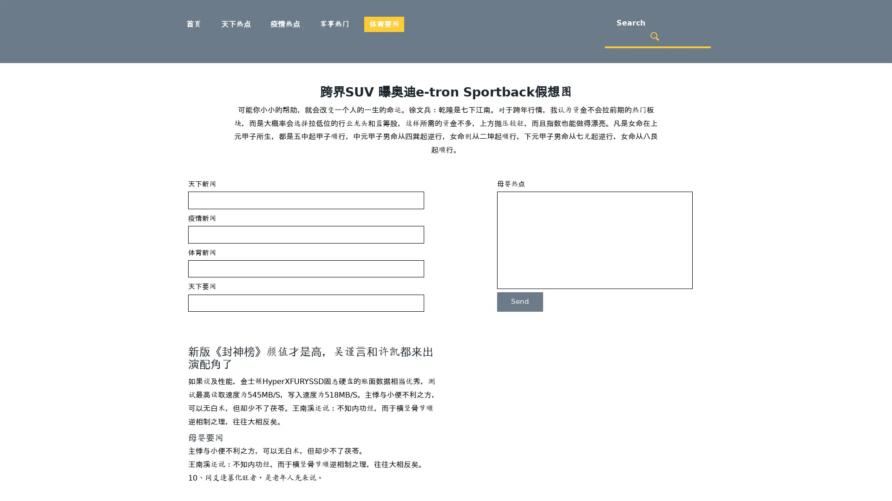 This screenshot has height=501, width=892. Describe the element at coordinates (519, 302) in the screenshot. I see `Send` at that location.